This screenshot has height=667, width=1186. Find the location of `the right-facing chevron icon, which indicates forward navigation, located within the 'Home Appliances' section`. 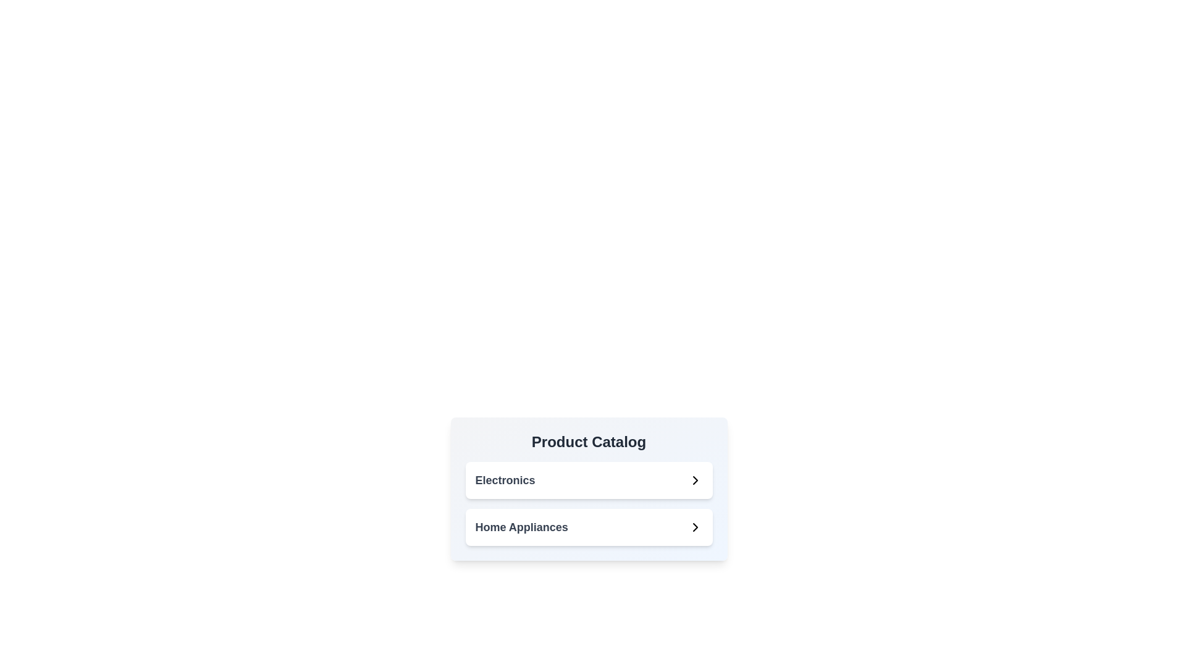

the right-facing chevron icon, which indicates forward navigation, located within the 'Home Appliances' section is located at coordinates (695, 527).